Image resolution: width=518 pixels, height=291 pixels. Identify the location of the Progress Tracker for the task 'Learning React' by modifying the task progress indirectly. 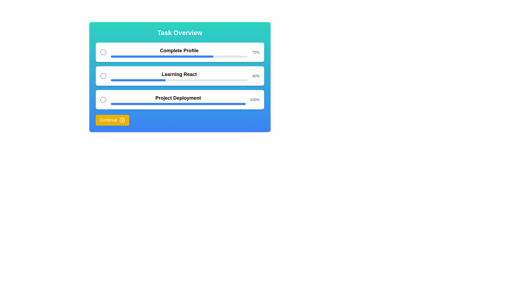
(179, 76).